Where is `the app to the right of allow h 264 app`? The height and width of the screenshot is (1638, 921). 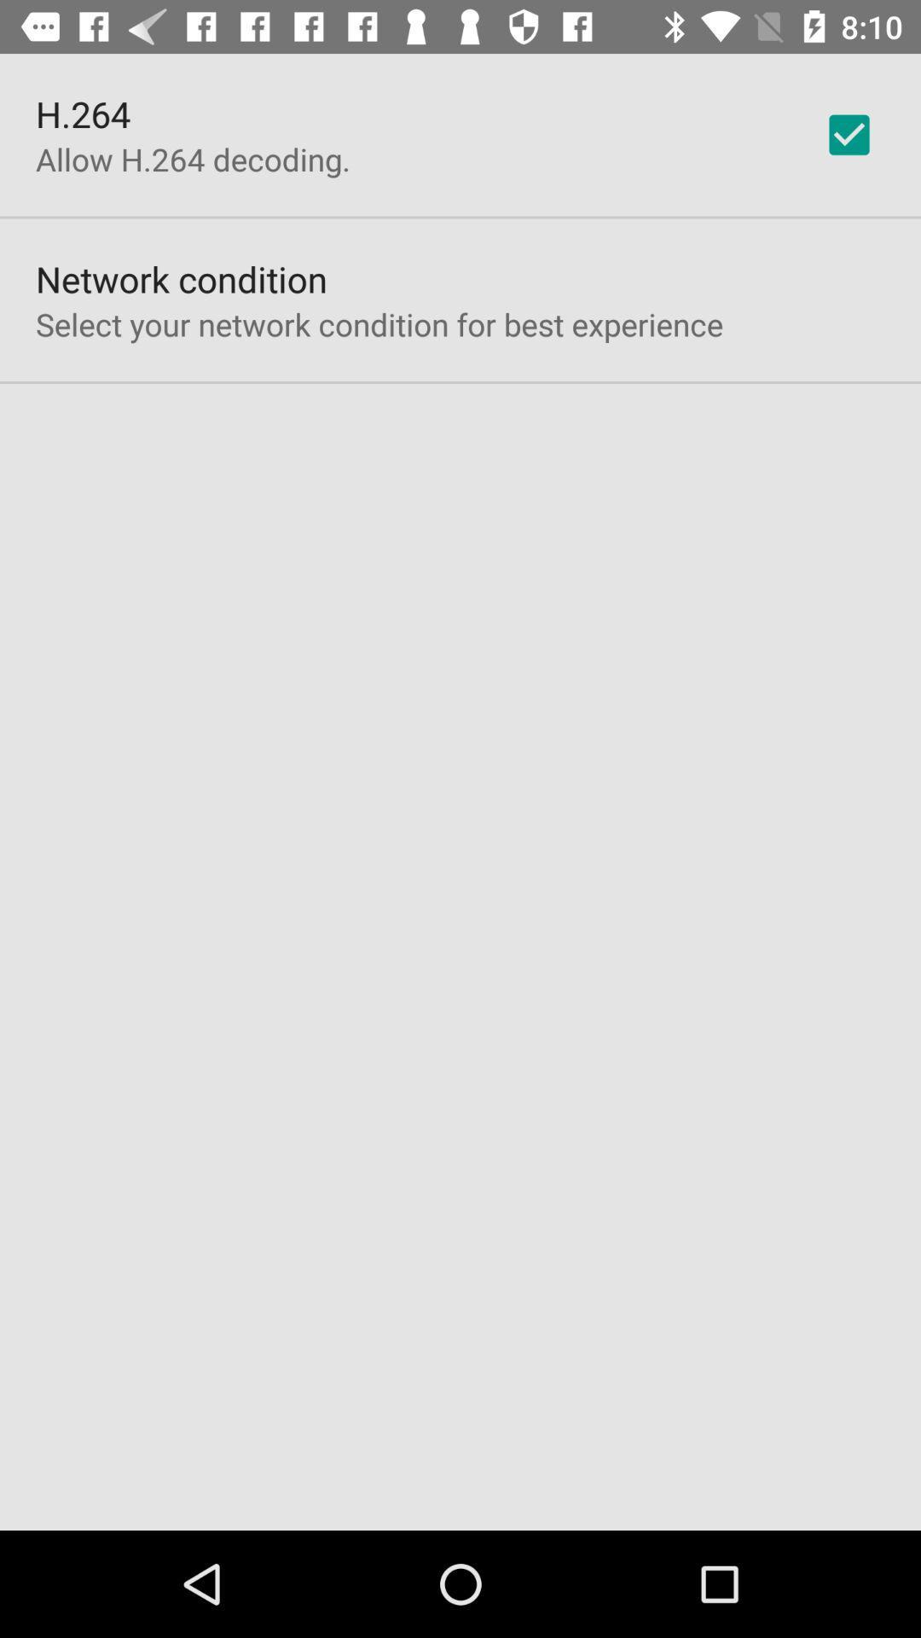 the app to the right of allow h 264 app is located at coordinates (849, 134).